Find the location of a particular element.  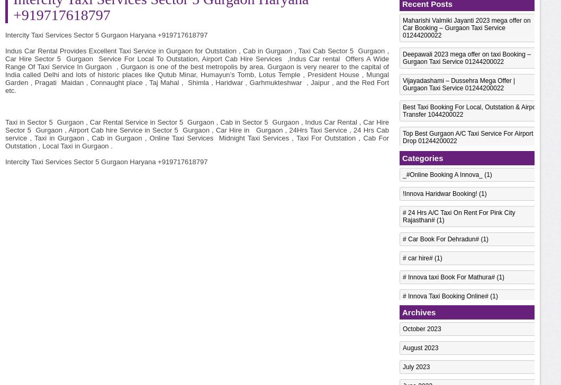

'# car hire#' is located at coordinates (417, 258).